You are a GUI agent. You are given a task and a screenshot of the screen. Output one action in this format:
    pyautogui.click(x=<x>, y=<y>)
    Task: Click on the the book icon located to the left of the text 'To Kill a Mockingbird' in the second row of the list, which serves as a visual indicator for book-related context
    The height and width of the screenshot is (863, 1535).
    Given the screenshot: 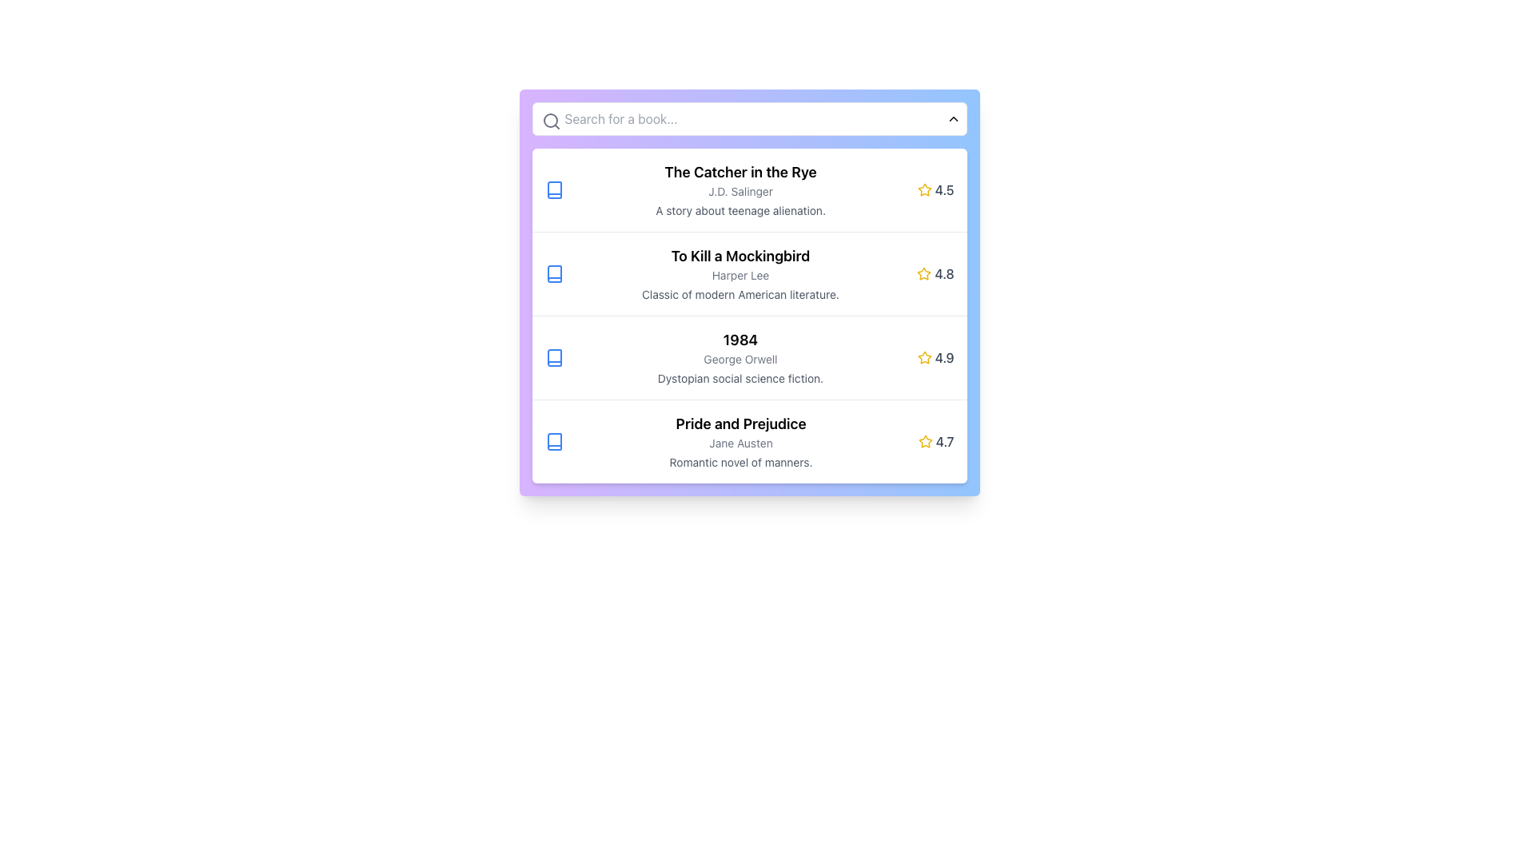 What is the action you would take?
    pyautogui.click(x=554, y=273)
    